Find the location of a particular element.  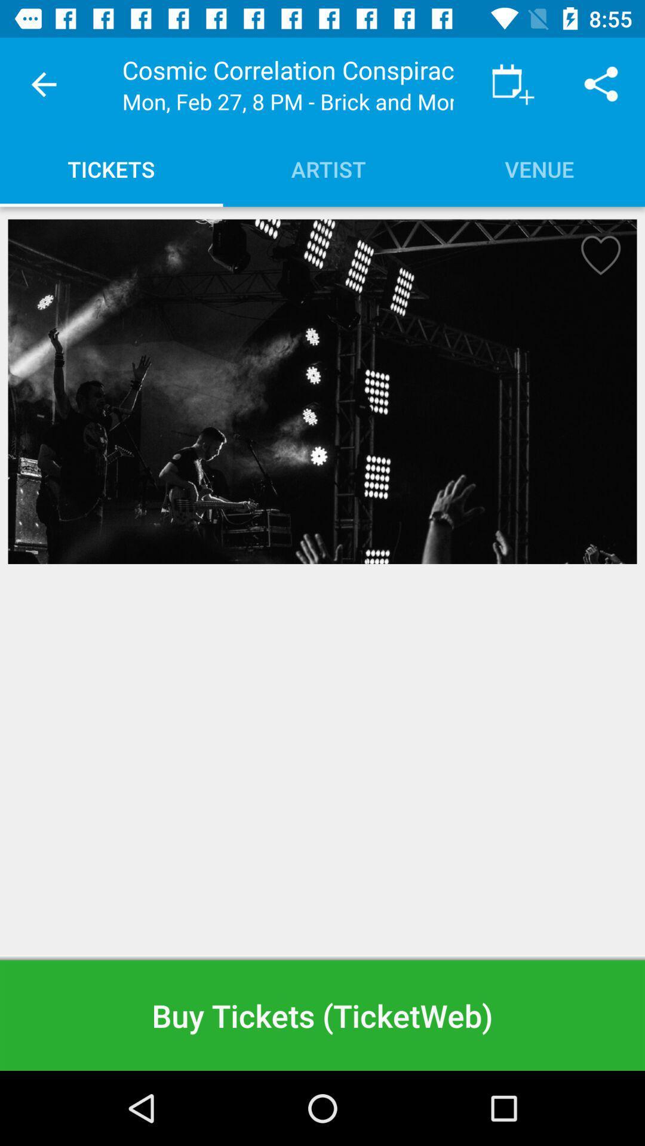

the icon next to the cosmic correlation conspiracy item is located at coordinates (512, 84).